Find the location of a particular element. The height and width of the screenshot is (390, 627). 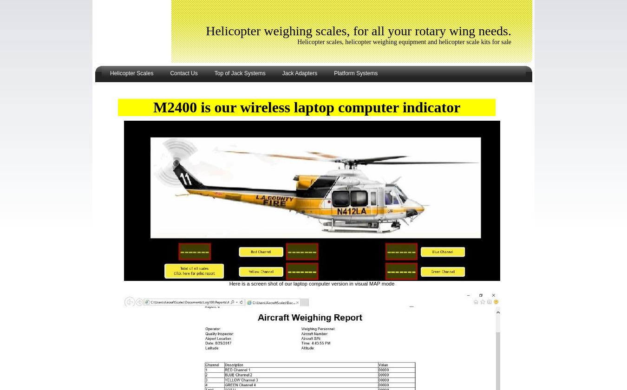

'Helicopter Scales' is located at coordinates (131, 73).